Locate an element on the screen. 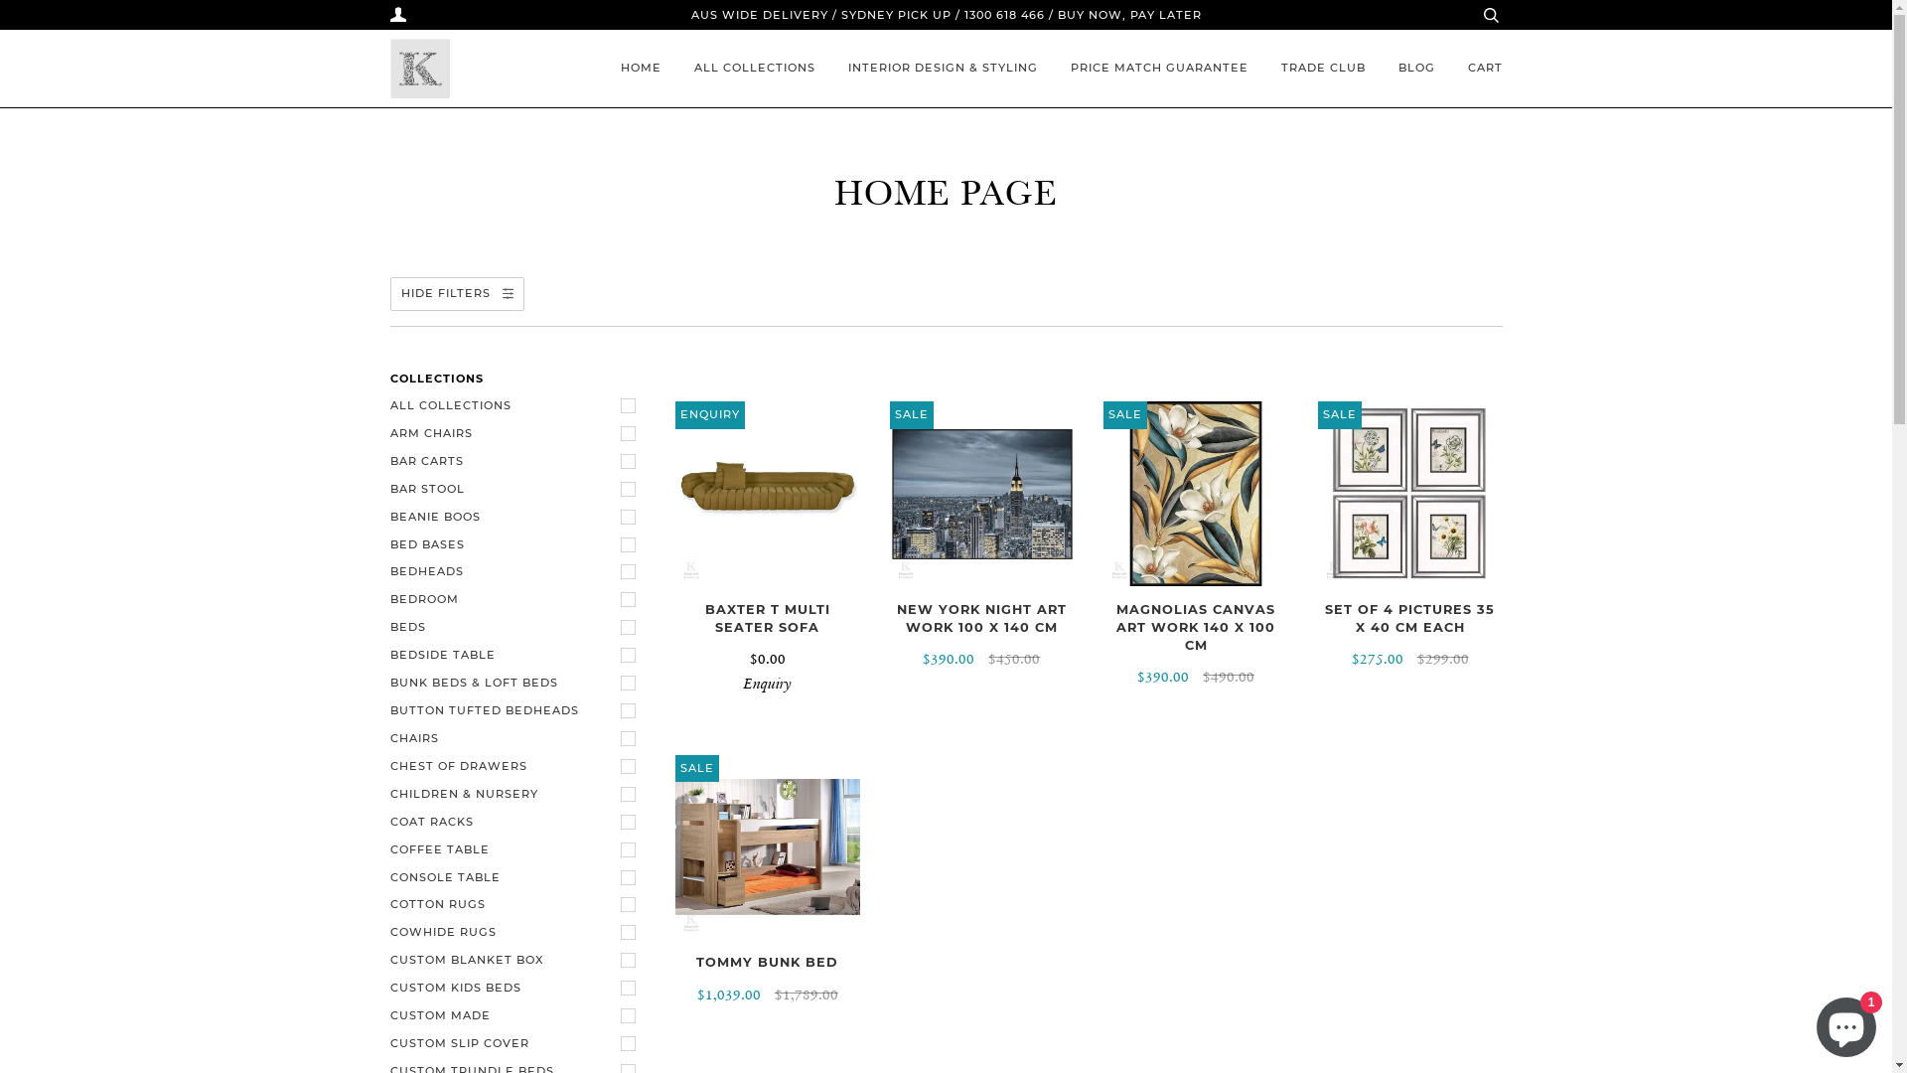 This screenshot has height=1073, width=1907. 'COAT RACKS' is located at coordinates (517, 823).